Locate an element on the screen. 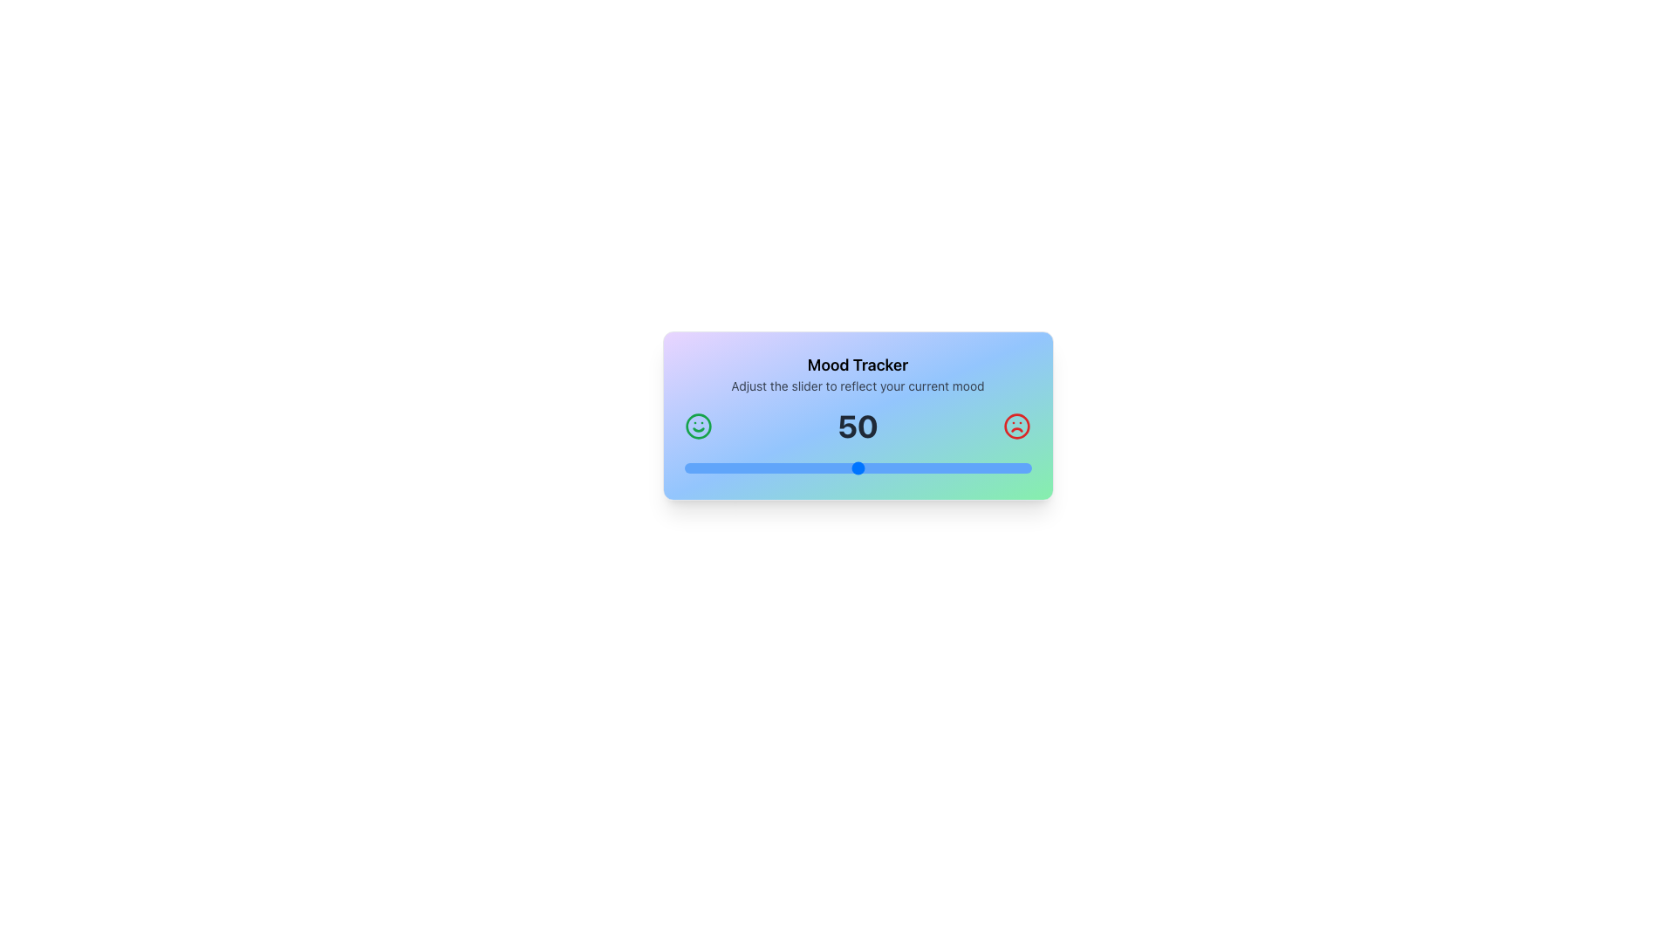  the large, bold black number '50' displayed in the Mood Tracker card to focus attention on it is located at coordinates (858, 427).